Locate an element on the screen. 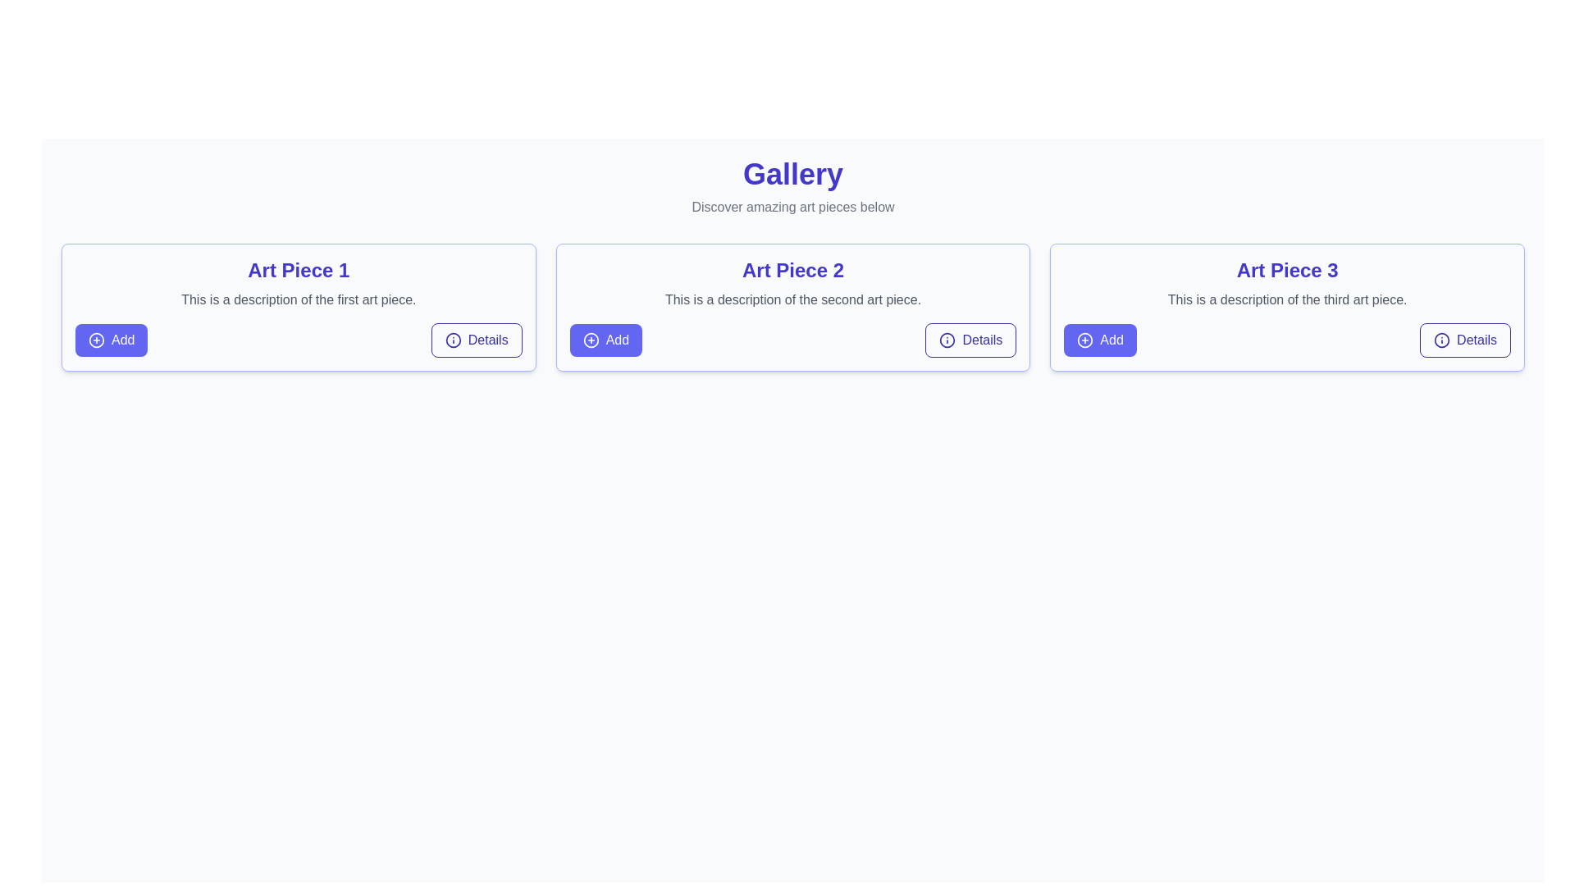 This screenshot has width=1575, height=886. the informational button located at the bottom-right corner of the card for 'Art Piece 2' is located at coordinates (970, 340).